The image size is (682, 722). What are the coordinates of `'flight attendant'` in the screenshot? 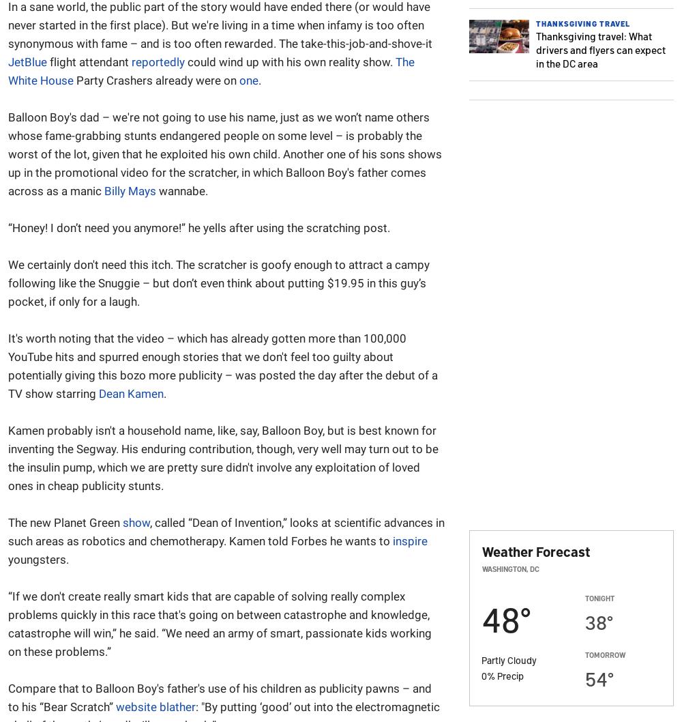 It's located at (89, 61).